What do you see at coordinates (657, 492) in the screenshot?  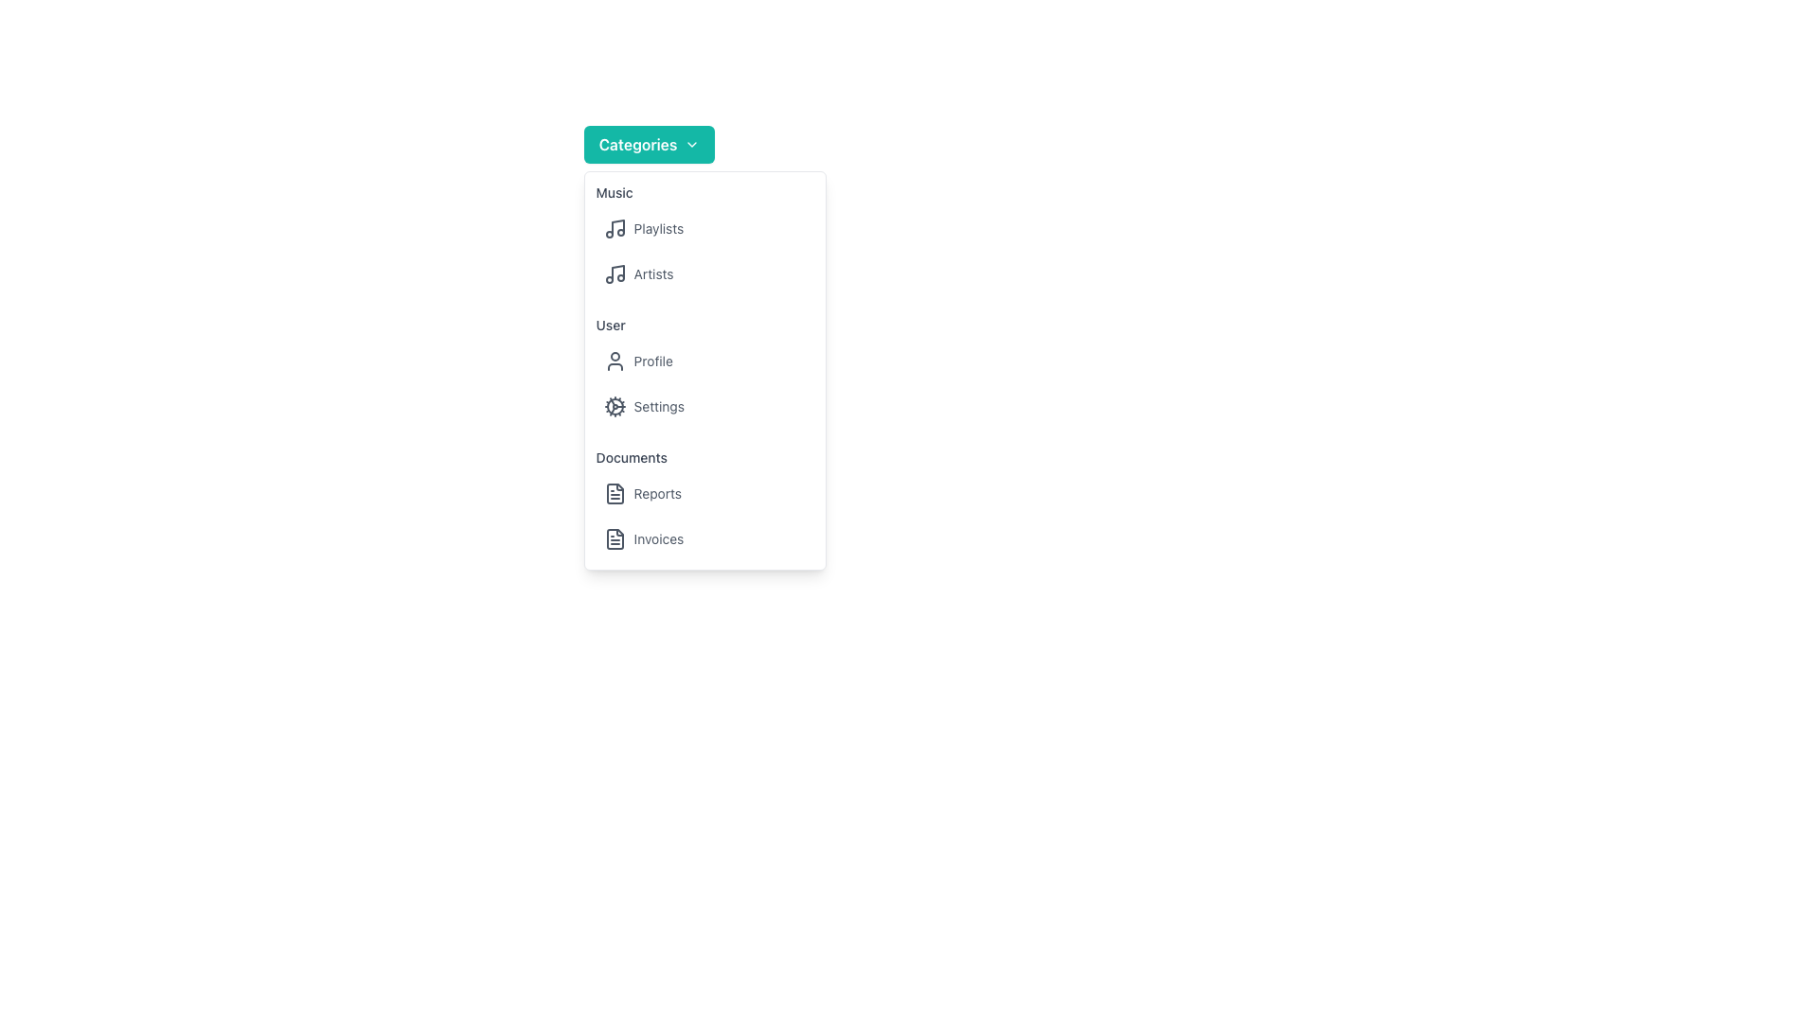 I see `text label 'Reports' located in the dropdown menu under the 'Documents' section, which is the first item above the 'Invoices' label` at bounding box center [657, 492].